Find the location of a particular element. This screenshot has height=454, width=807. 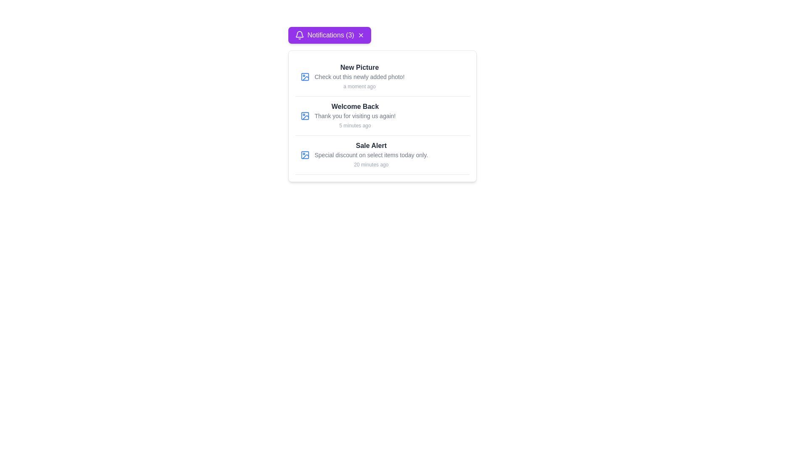

text content of the first notification item in the vertical list layout, which informs the user about a newly added picture is located at coordinates (382, 77).